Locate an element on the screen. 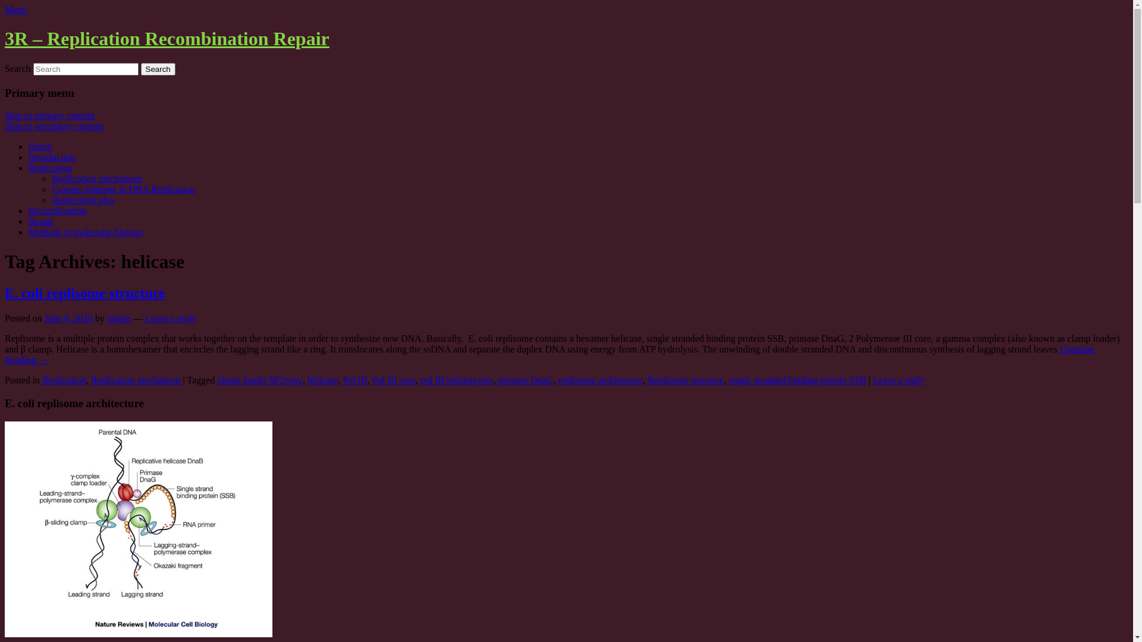 The image size is (1142, 642). 'helicase' is located at coordinates (322, 380).